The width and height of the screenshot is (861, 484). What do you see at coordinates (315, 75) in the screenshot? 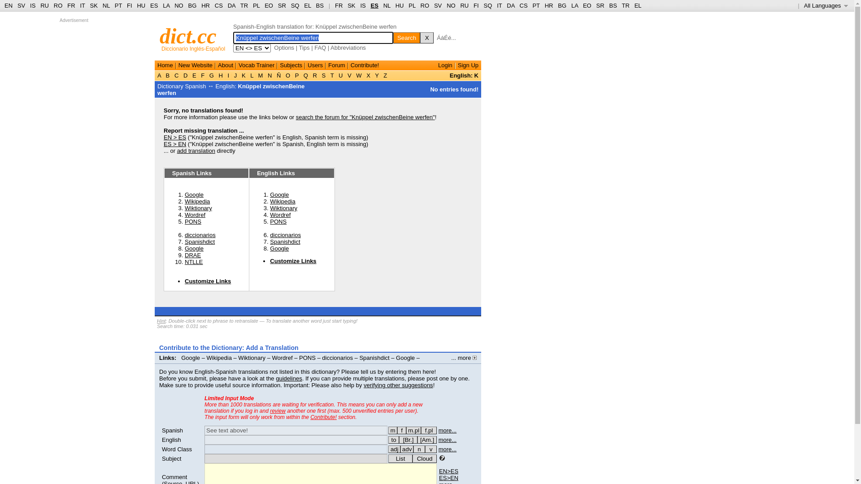
I see `'R'` at bounding box center [315, 75].